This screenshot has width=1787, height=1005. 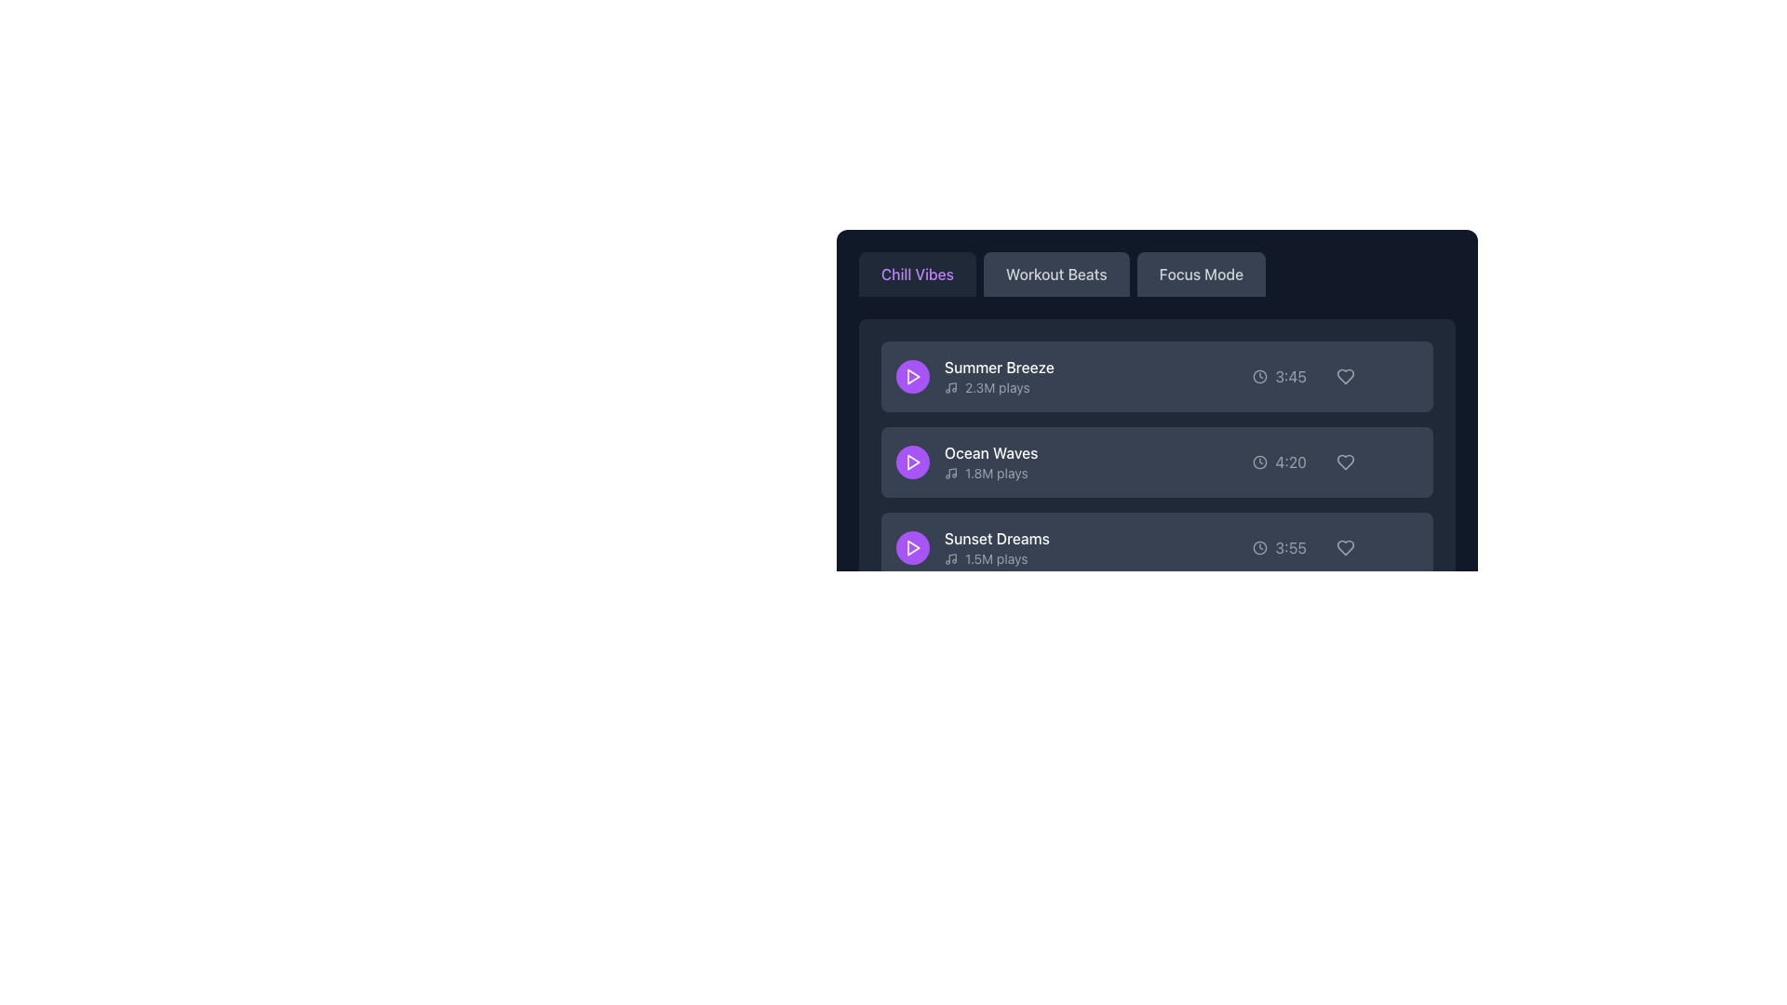 What do you see at coordinates (996, 547) in the screenshot?
I see `displayed information from the text label for the song 'Sunset Dreams', which is located in the third item of the vertical list under the 'Chill Vibes' section` at bounding box center [996, 547].